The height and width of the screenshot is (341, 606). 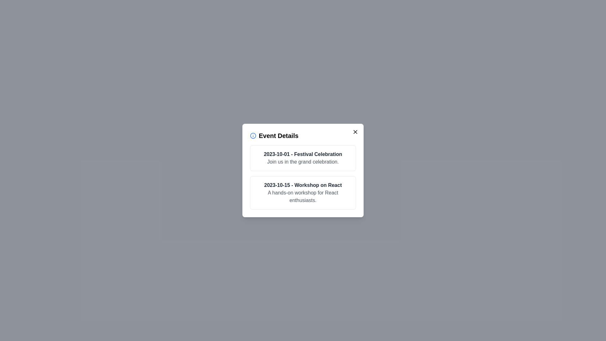 What do you see at coordinates (355, 131) in the screenshot?
I see `the close button to close the dialog` at bounding box center [355, 131].